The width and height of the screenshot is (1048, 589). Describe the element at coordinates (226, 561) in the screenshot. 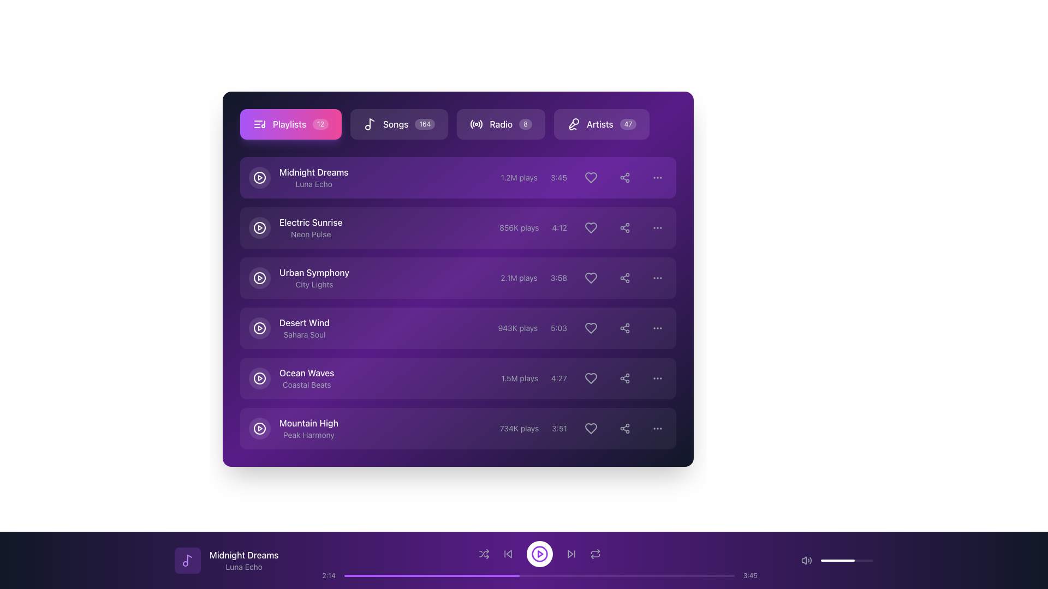

I see `the Text with Icon element displaying 'Midnight Dreams' and 'Luna Echo' in the bottom-left corner of the footer bar` at that location.